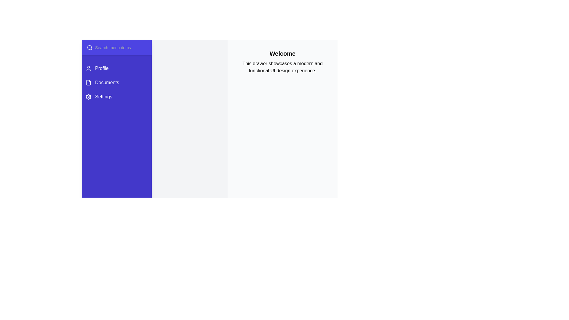 The height and width of the screenshot is (320, 569). What do you see at coordinates (88, 68) in the screenshot?
I see `the Profile icon in the menu` at bounding box center [88, 68].